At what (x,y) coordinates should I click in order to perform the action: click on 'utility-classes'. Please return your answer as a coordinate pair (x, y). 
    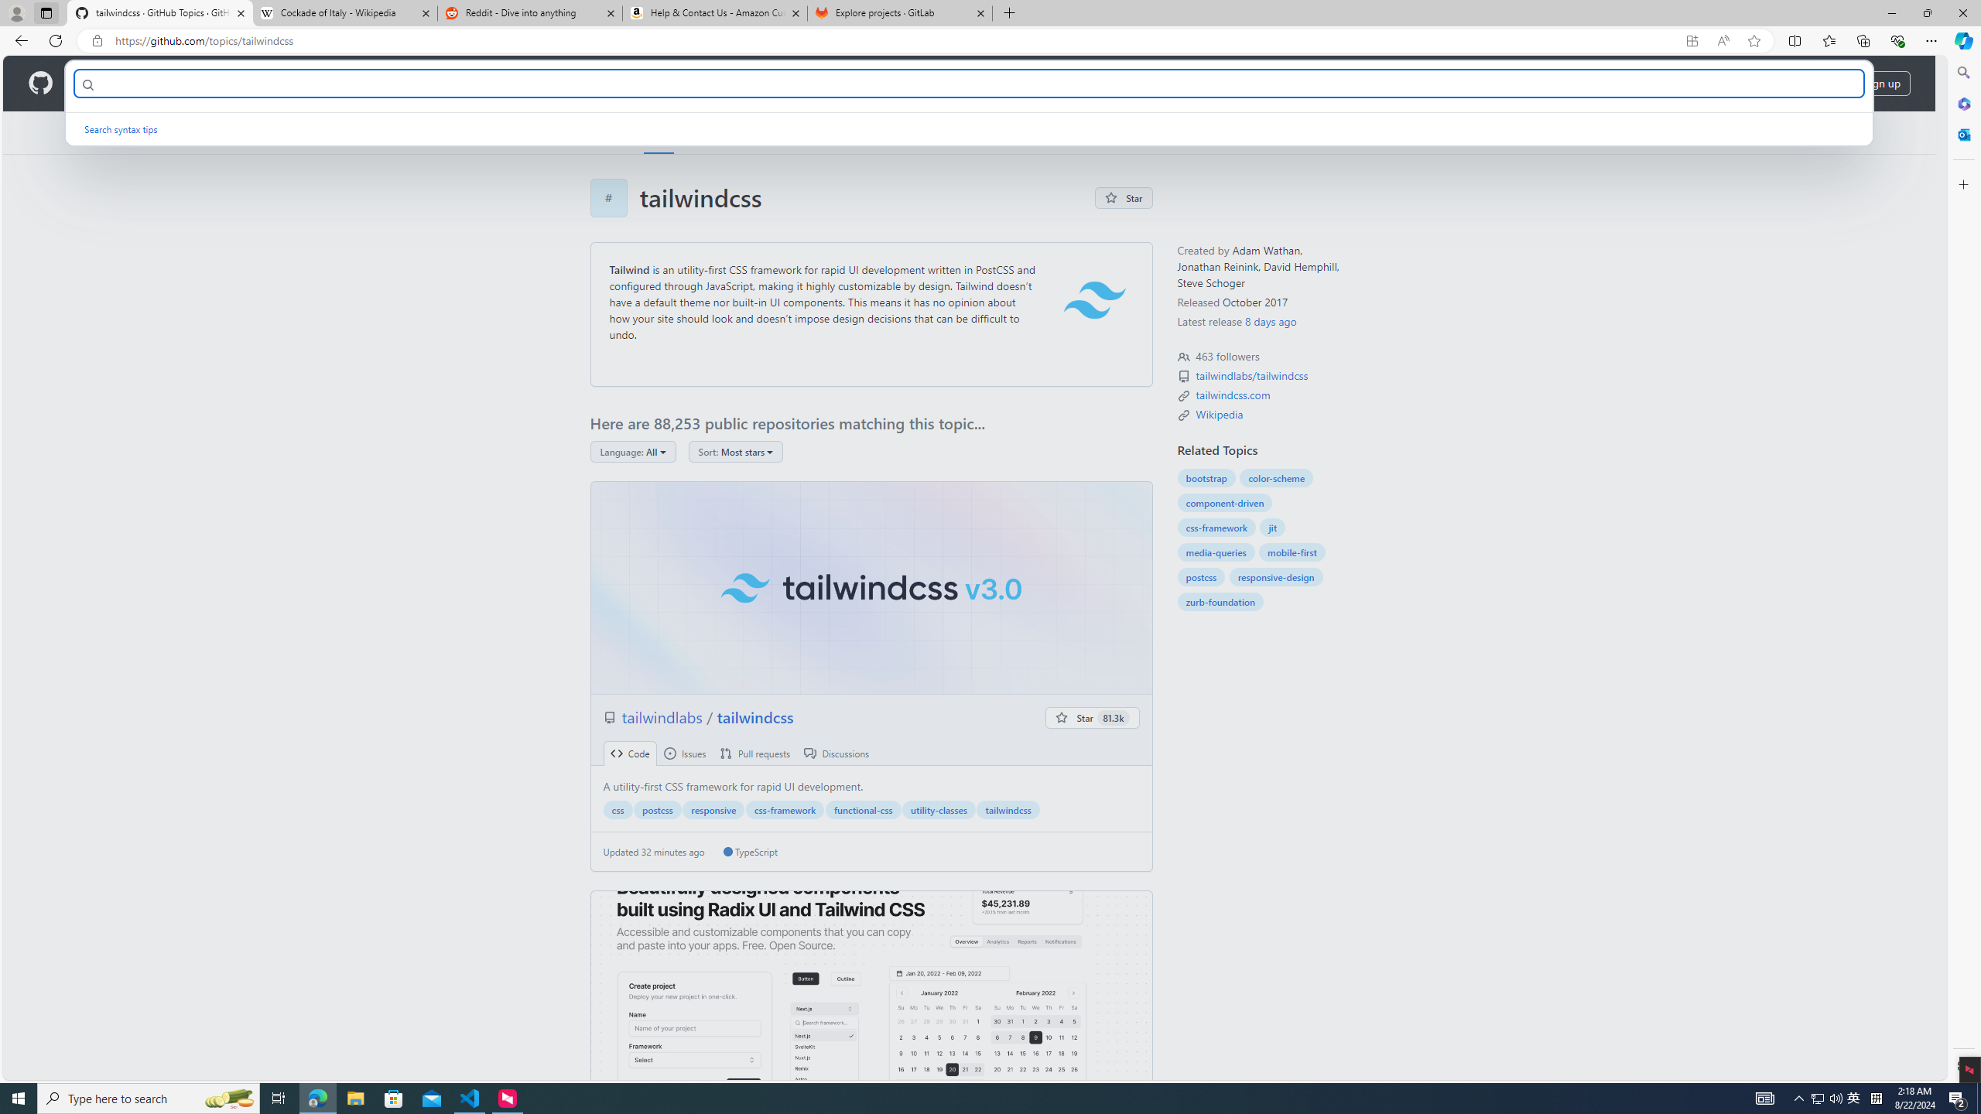
    Looking at the image, I should click on (938, 808).